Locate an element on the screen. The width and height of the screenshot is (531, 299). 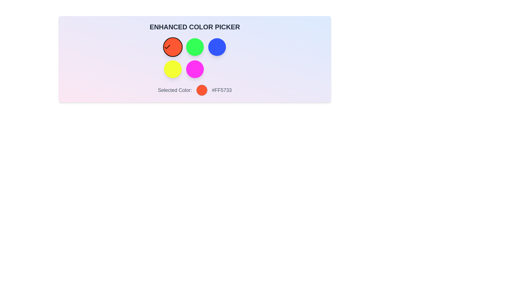
the circular button with a bright yellow background located in the second row and first column of a grid layout is located at coordinates (172, 69).